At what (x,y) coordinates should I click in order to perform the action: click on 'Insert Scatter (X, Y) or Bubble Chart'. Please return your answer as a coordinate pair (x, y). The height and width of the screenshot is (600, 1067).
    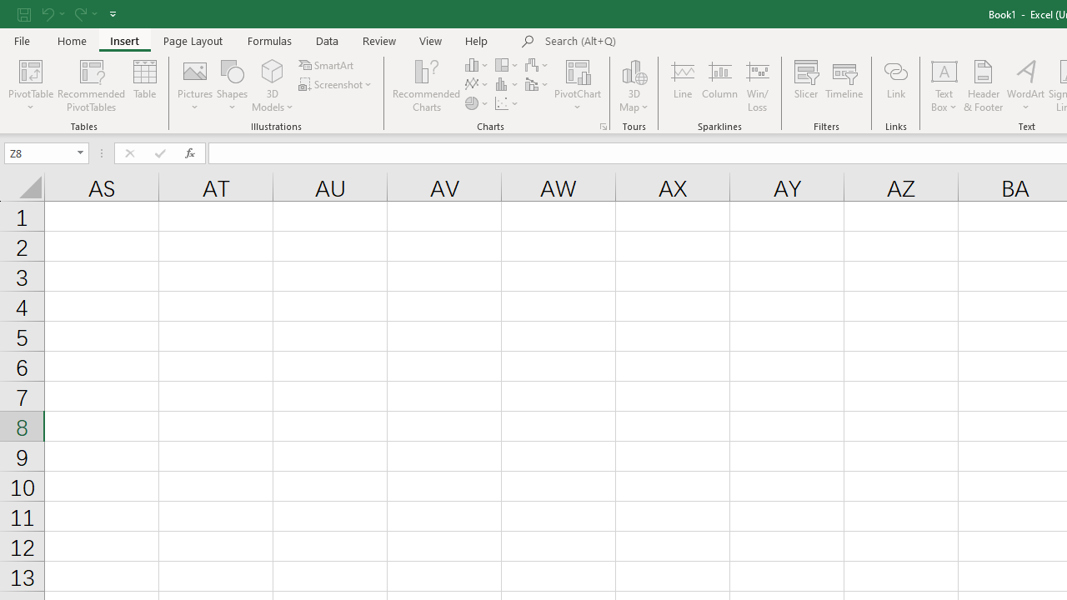
    Looking at the image, I should click on (507, 103).